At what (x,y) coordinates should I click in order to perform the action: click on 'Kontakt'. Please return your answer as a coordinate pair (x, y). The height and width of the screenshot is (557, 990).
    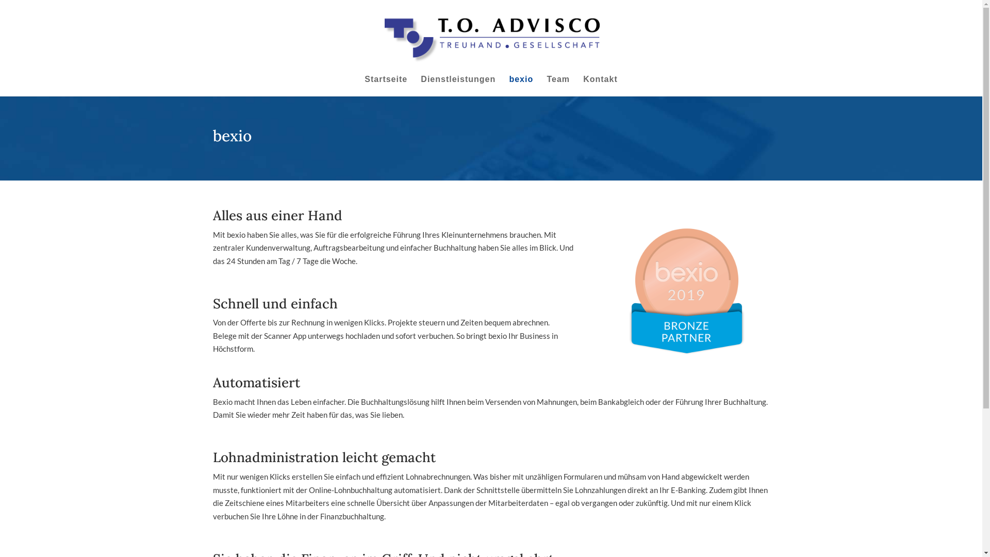
    Looking at the image, I should click on (600, 85).